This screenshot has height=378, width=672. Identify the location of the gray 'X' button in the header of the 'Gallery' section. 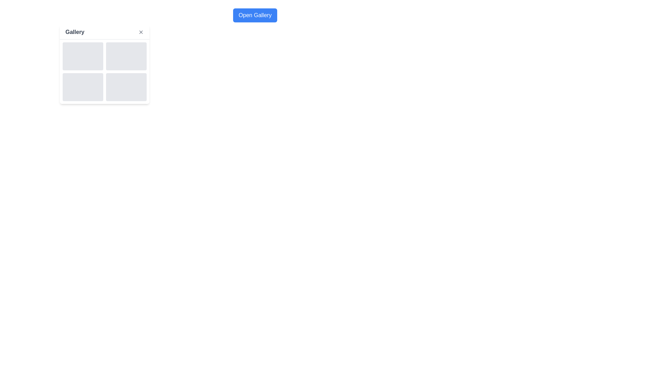
(141, 32).